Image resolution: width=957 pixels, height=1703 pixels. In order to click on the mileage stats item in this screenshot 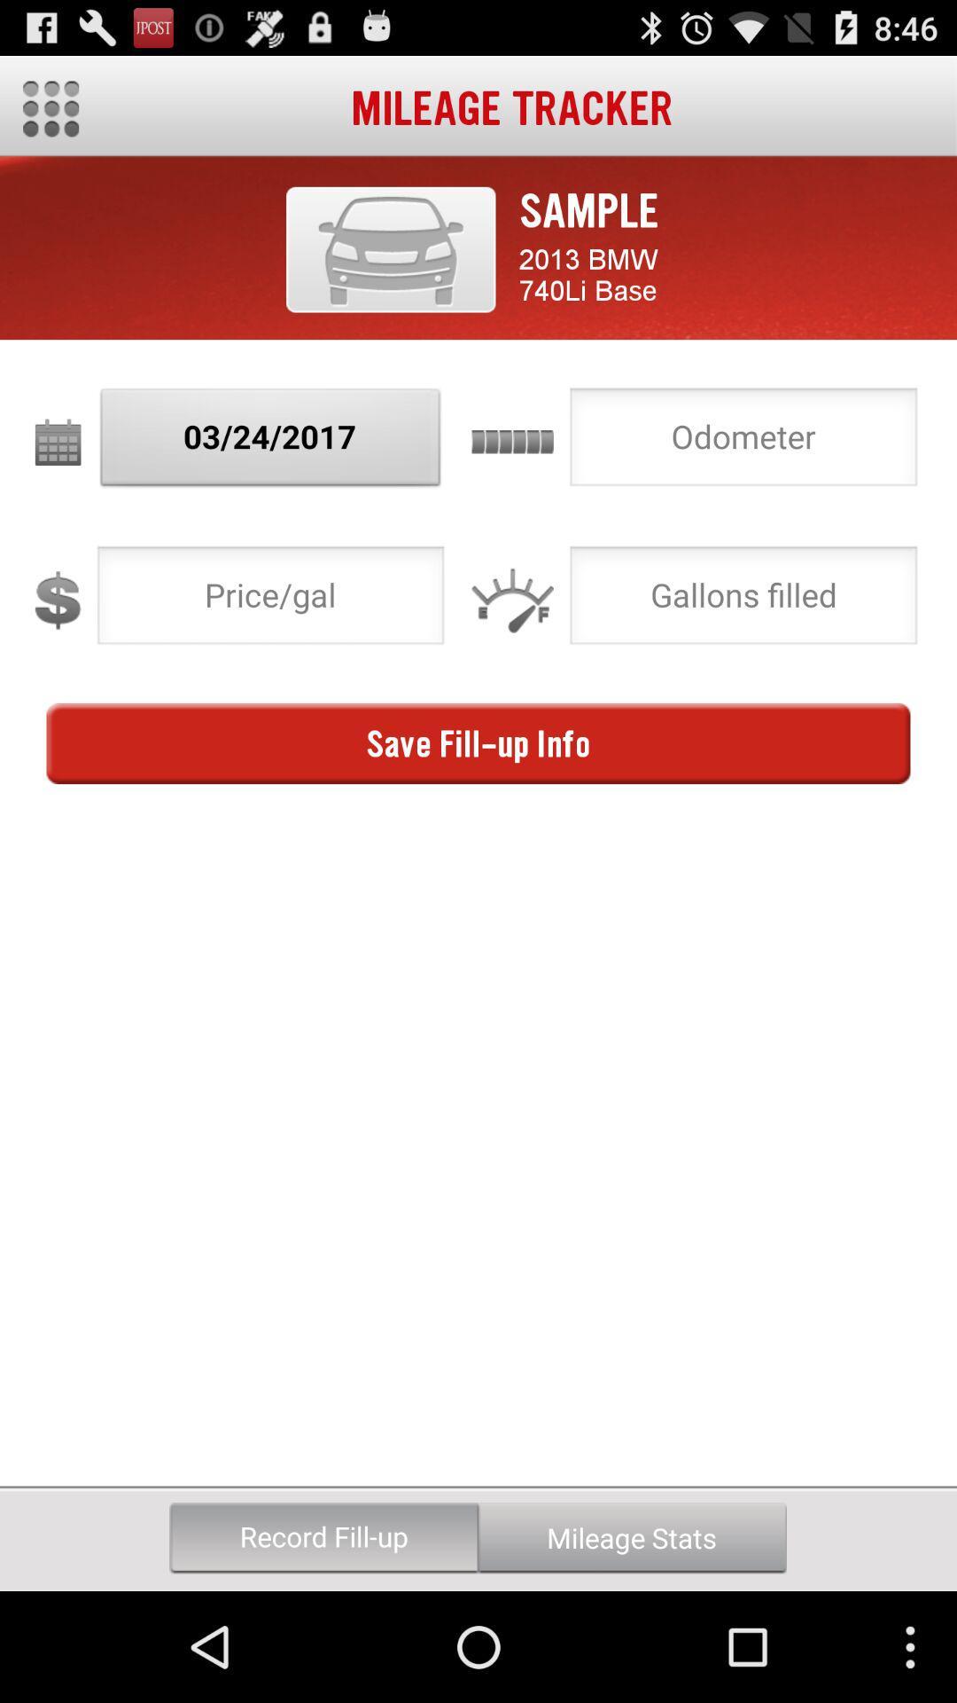, I will do `click(631, 1537)`.